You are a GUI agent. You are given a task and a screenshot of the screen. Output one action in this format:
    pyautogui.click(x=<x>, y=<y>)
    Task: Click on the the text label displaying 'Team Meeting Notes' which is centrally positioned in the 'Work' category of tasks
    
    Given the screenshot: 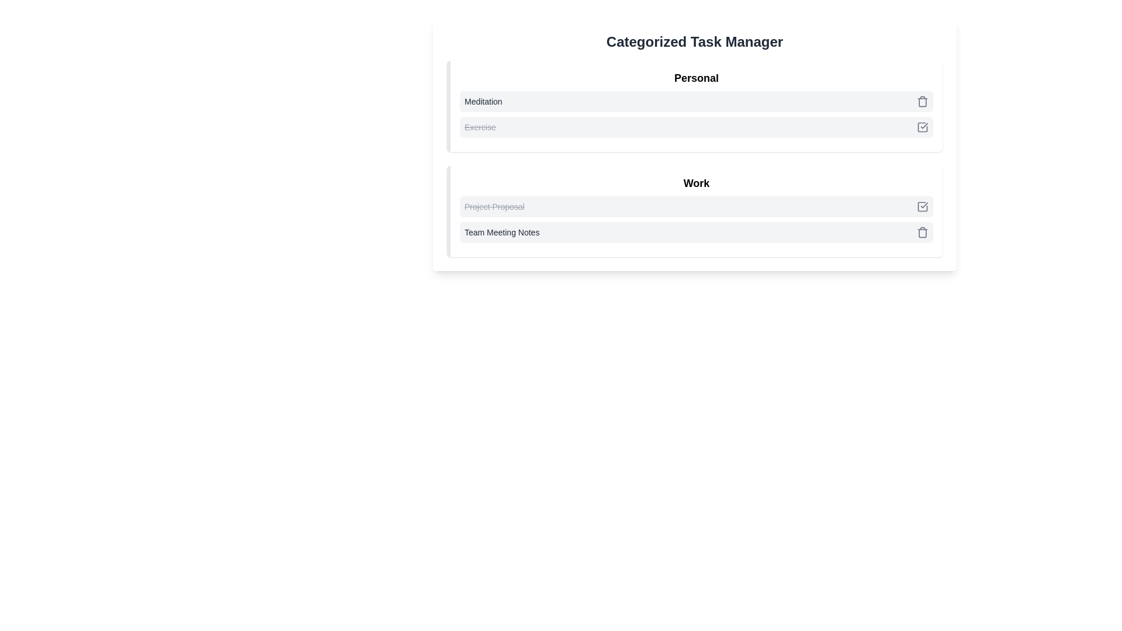 What is the action you would take?
    pyautogui.click(x=502, y=232)
    